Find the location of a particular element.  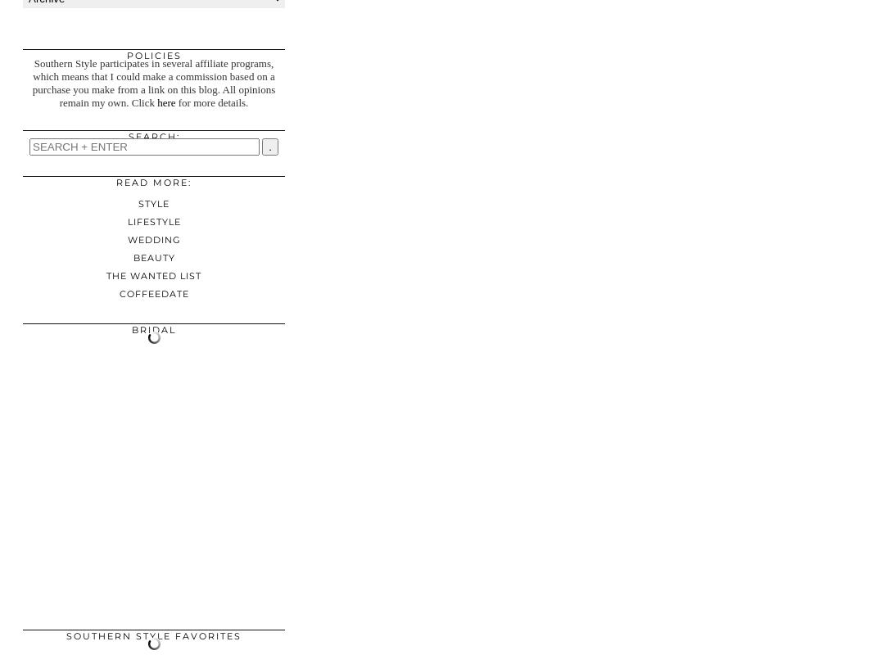

'Bridal' is located at coordinates (153, 329).